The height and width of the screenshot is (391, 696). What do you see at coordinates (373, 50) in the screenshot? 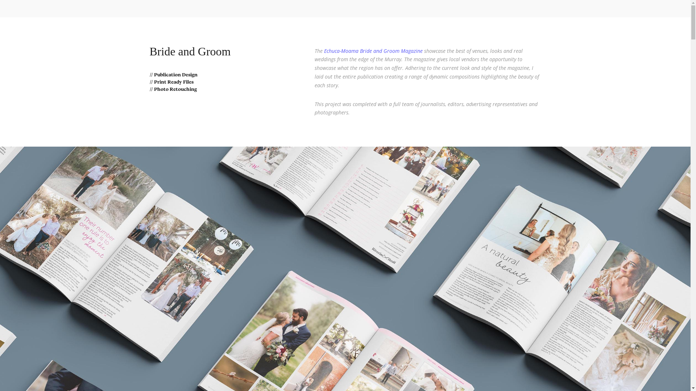
I see `'Echuca-Moama Bride and Groom Magazine'` at bounding box center [373, 50].